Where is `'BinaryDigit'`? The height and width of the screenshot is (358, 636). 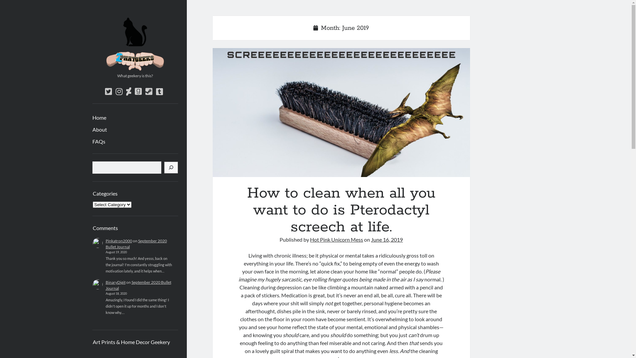 'BinaryDigit' is located at coordinates (115, 282).